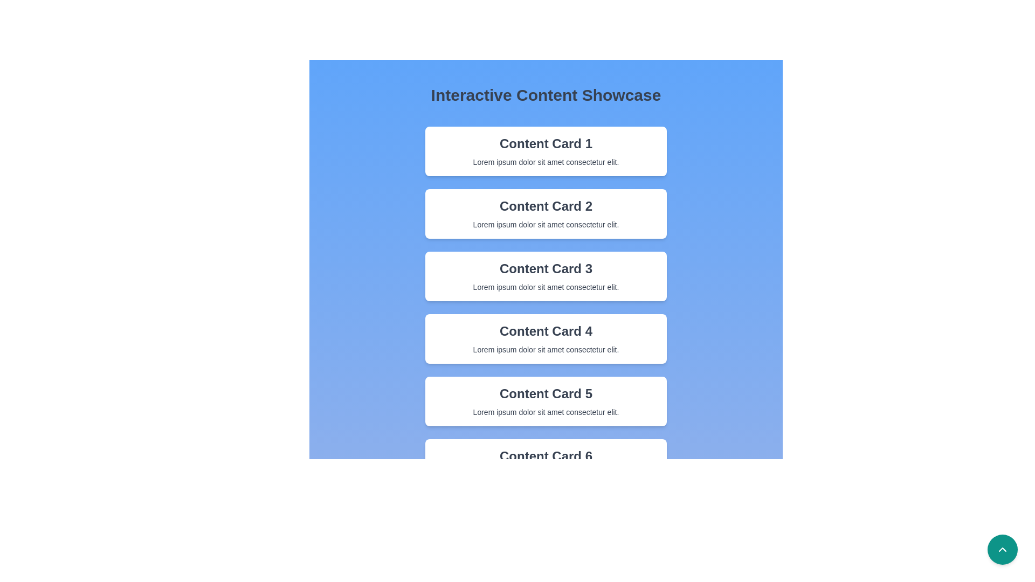  Describe the element at coordinates (546, 463) in the screenshot. I see `the informational card that is the sixth item in a vertically stacked list of content cards, positioned between 'Content Card 5' and 'Content Card 7'` at that location.